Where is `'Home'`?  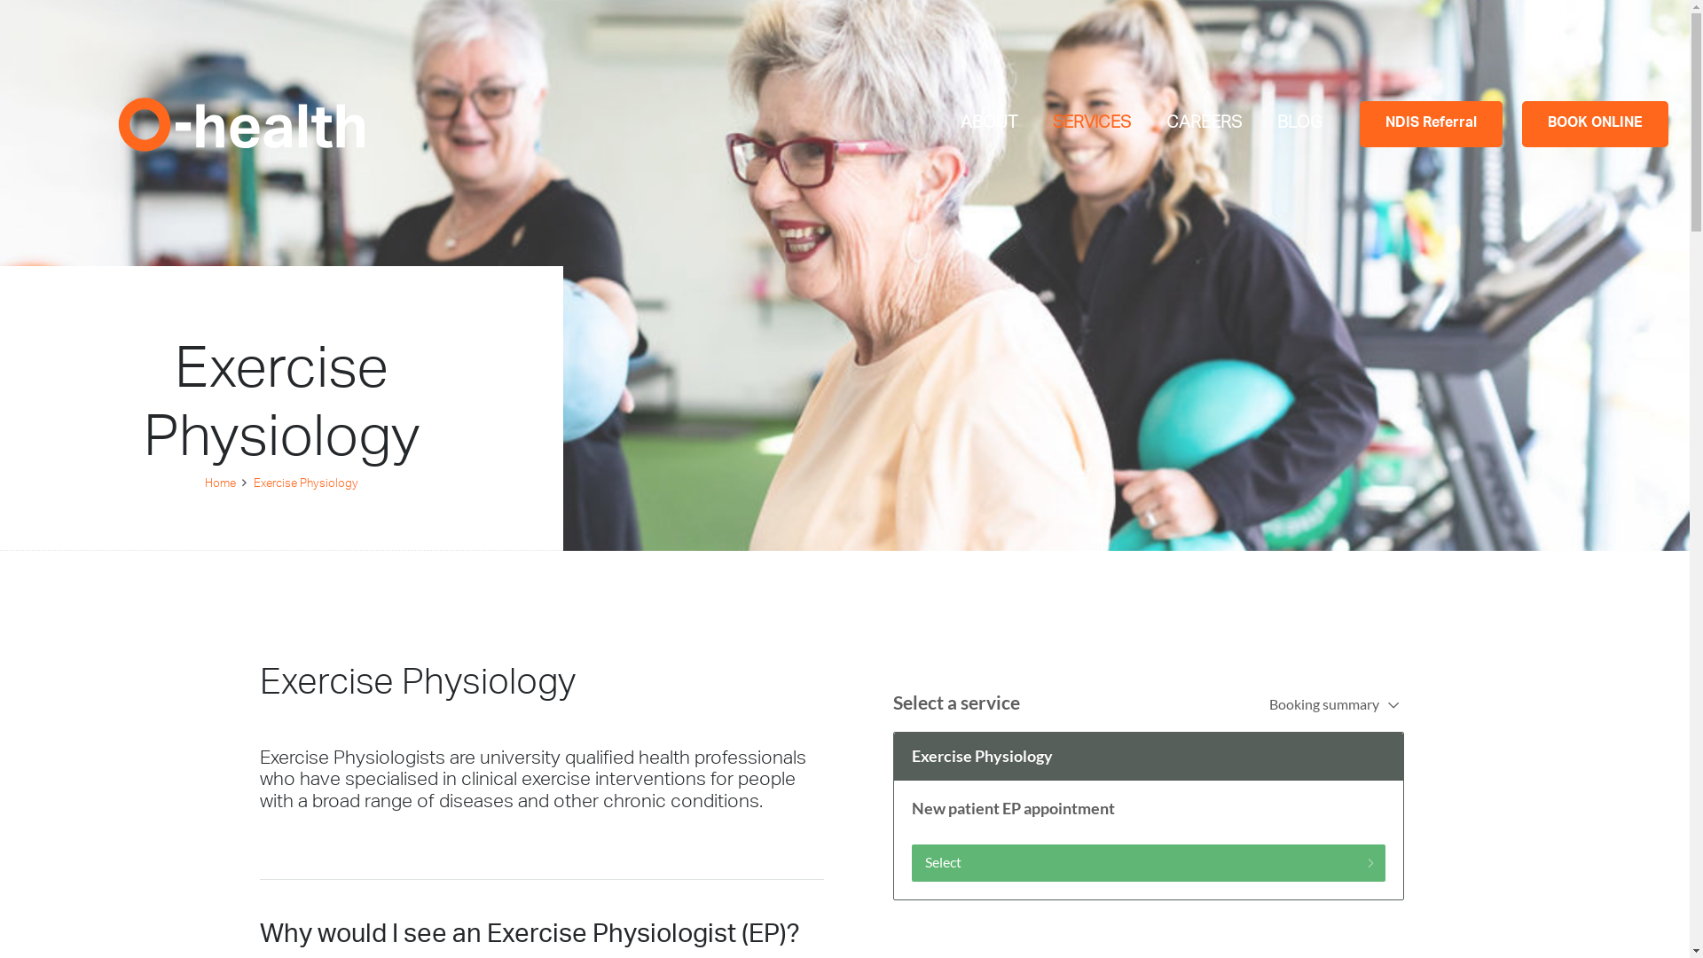 'Home' is located at coordinates (219, 484).